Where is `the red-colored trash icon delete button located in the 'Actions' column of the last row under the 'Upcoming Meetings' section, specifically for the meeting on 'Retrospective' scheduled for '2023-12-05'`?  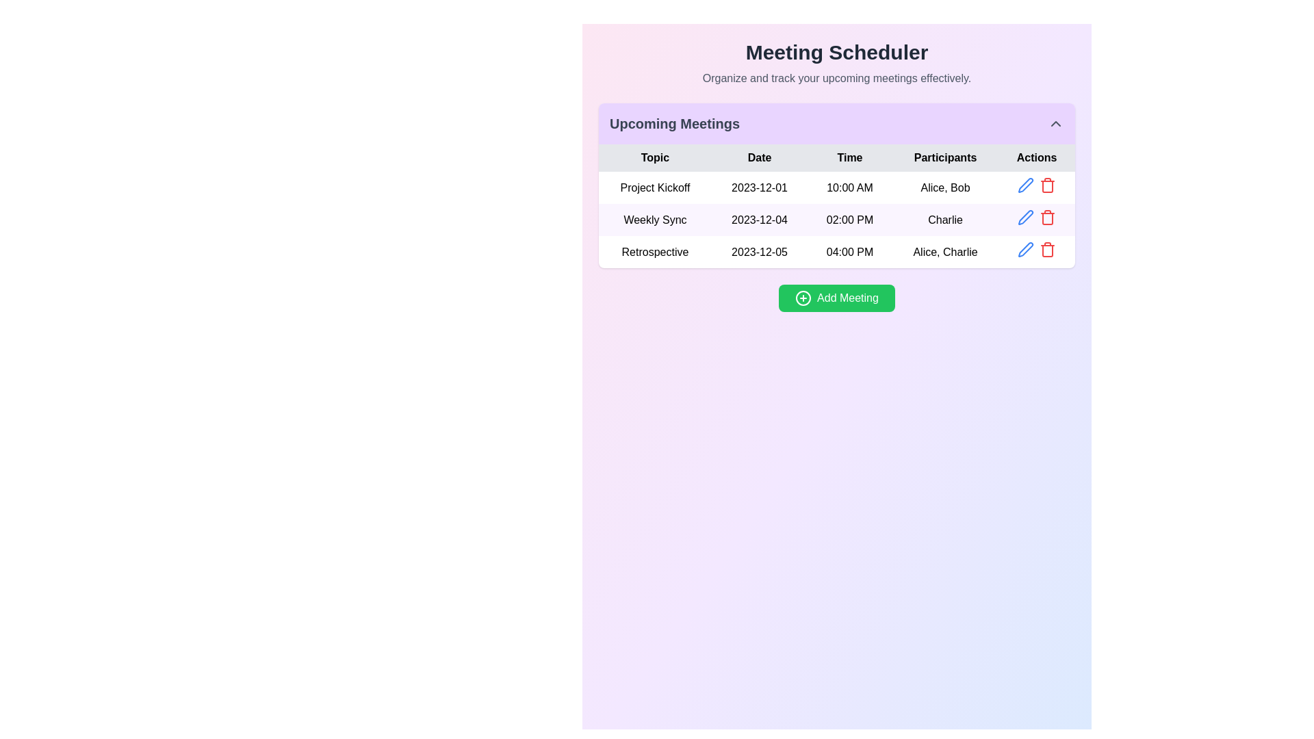
the red-colored trash icon delete button located in the 'Actions' column of the last row under the 'Upcoming Meetings' section, specifically for the meeting on 'Retrospective' scheduled for '2023-12-05' is located at coordinates (1047, 185).